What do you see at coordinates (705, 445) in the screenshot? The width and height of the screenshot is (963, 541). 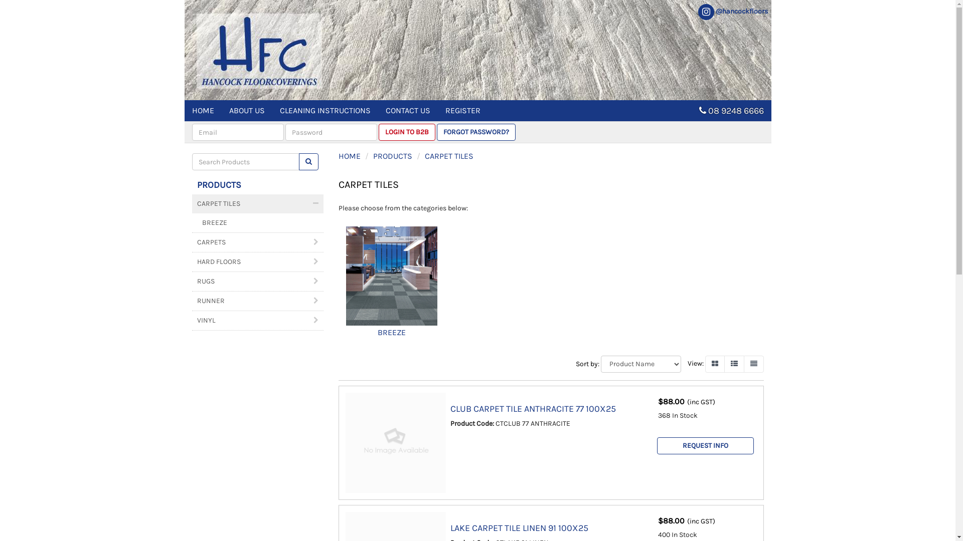 I see `'Contact us to request information'` at bounding box center [705, 445].